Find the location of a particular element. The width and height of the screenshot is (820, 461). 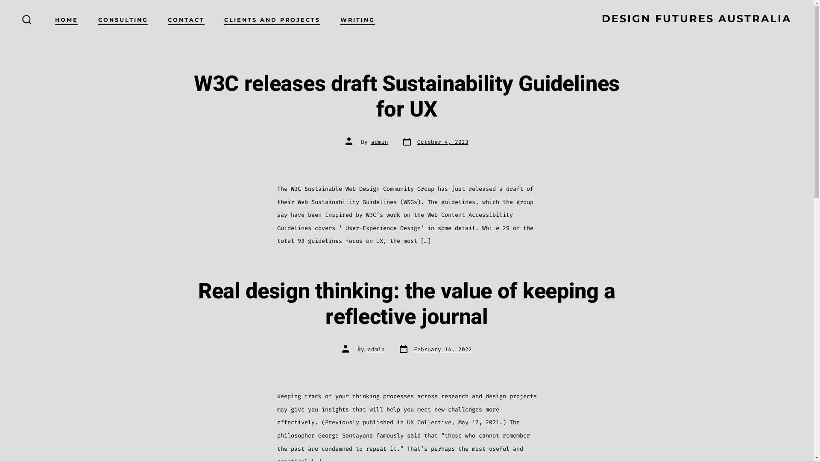

'admin' is located at coordinates (379, 141).